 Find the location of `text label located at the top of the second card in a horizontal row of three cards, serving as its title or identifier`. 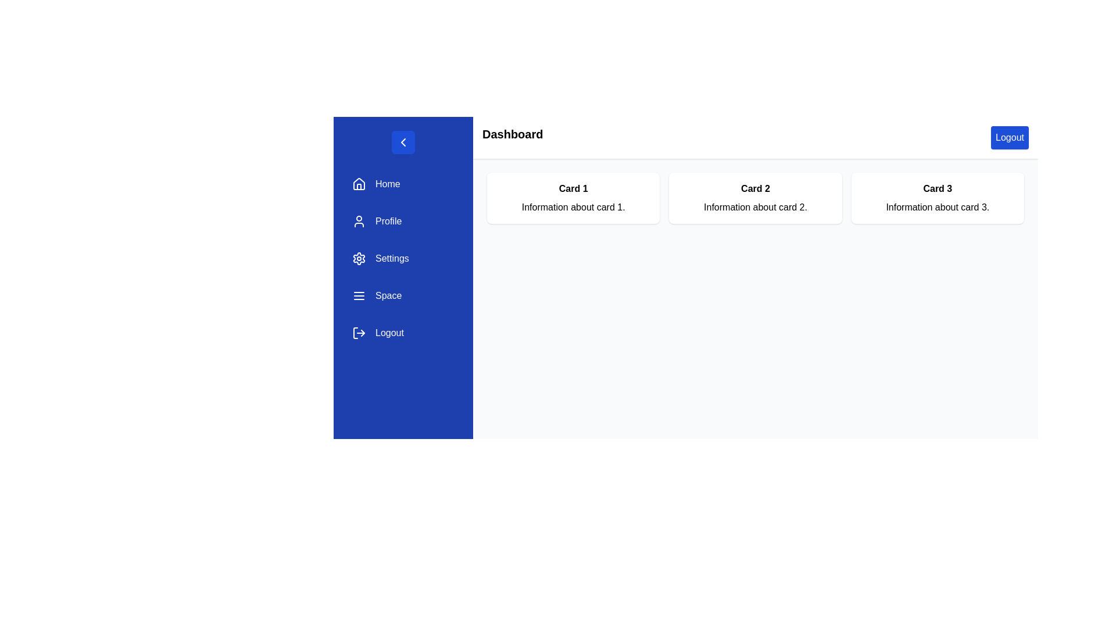

text label located at the top of the second card in a horizontal row of three cards, serving as its title or identifier is located at coordinates (756, 188).